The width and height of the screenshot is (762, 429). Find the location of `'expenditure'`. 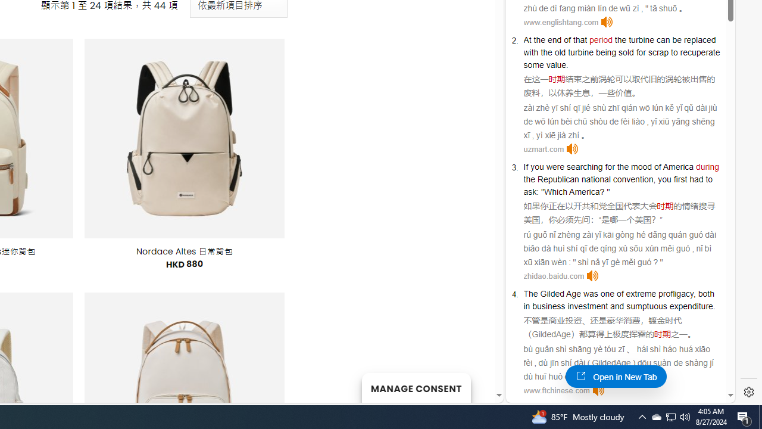

'expenditure' is located at coordinates (691, 306).